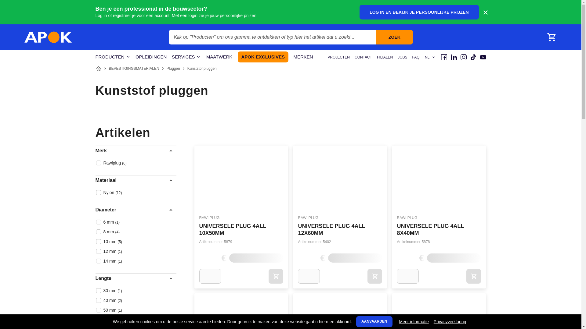  Describe the element at coordinates (485, 12) in the screenshot. I see `'PROFESSIONALUSERBAR/CLOSE'` at that location.